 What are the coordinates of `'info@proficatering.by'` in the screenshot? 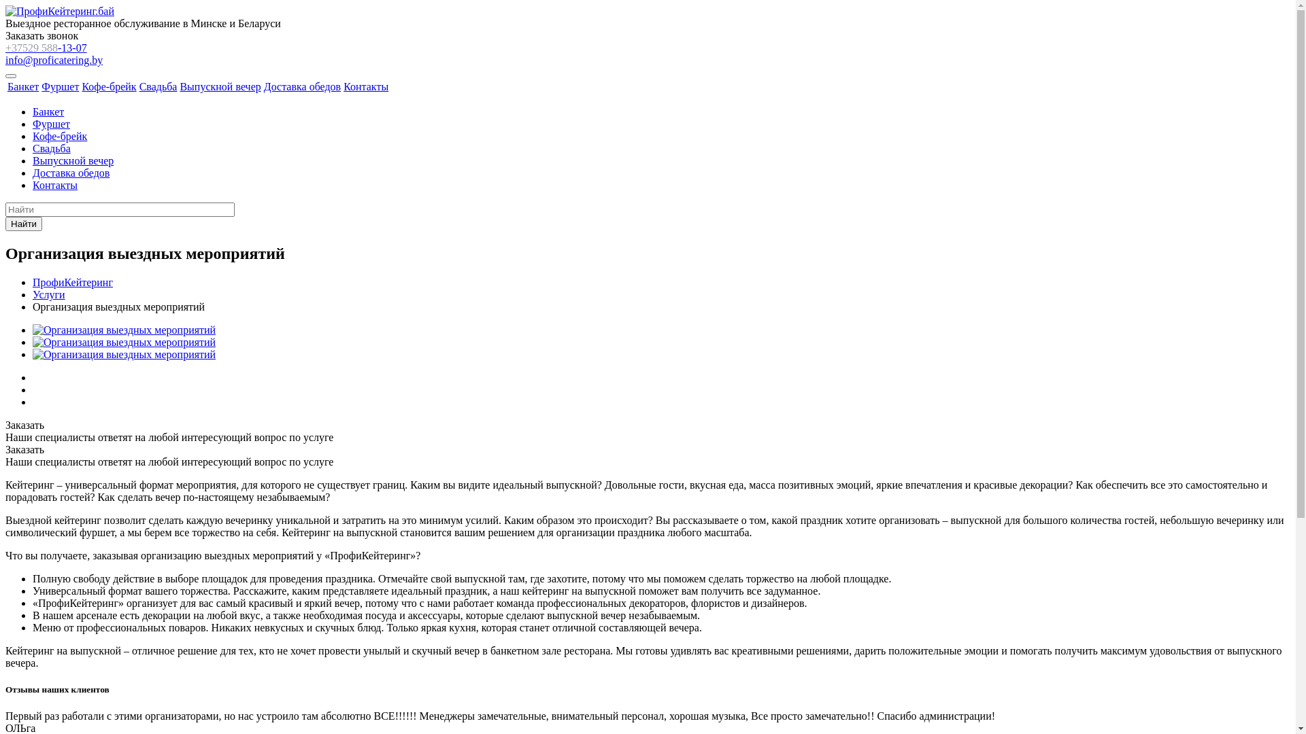 It's located at (54, 59).